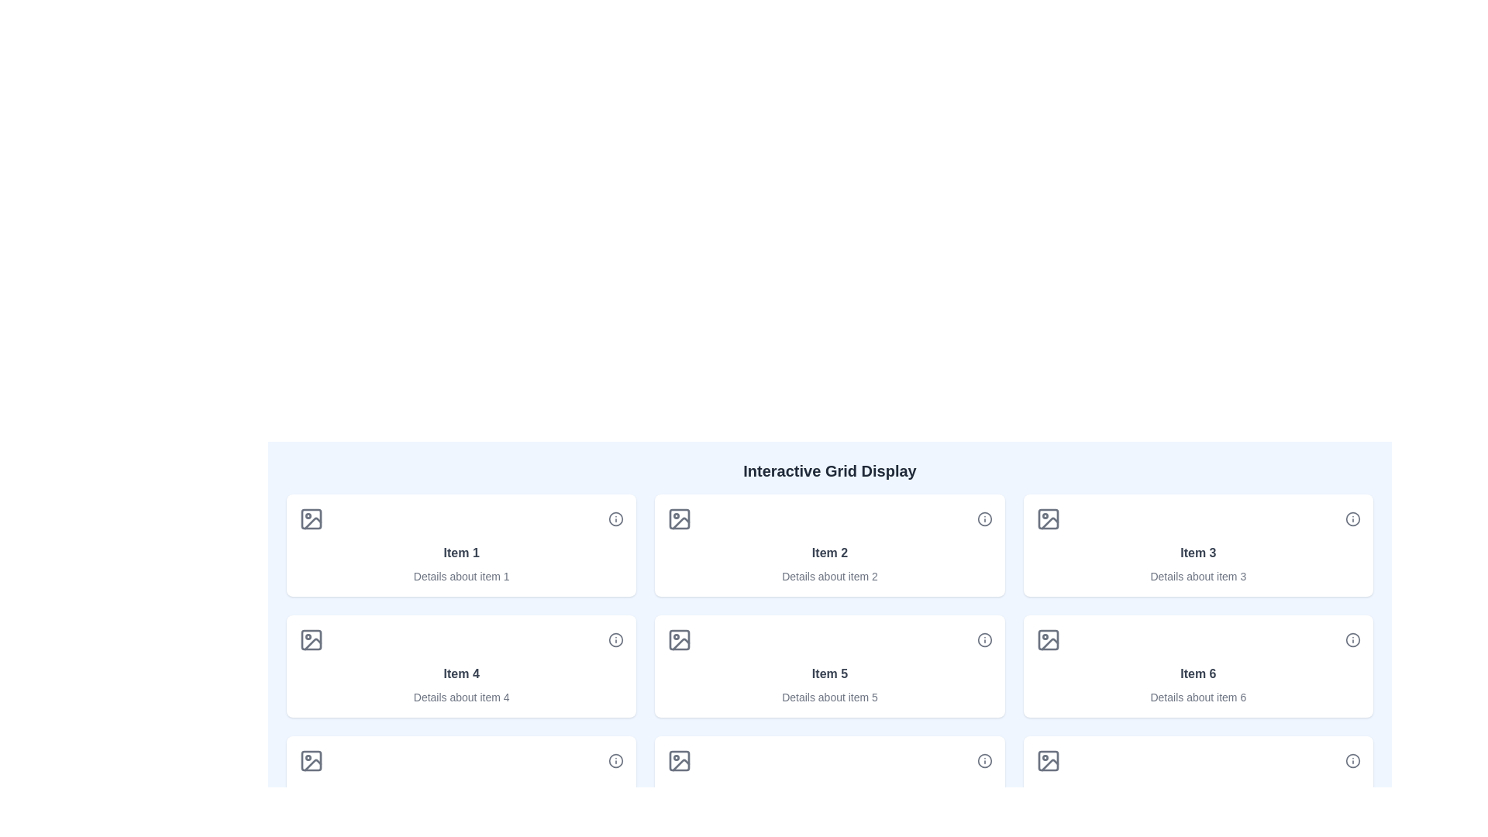  What do you see at coordinates (460, 552) in the screenshot?
I see `the Text label that serves as the title for the card, displaying 'Item 1' and 'Details about item 1', located in the first cell of the top row of the grid layout` at bounding box center [460, 552].